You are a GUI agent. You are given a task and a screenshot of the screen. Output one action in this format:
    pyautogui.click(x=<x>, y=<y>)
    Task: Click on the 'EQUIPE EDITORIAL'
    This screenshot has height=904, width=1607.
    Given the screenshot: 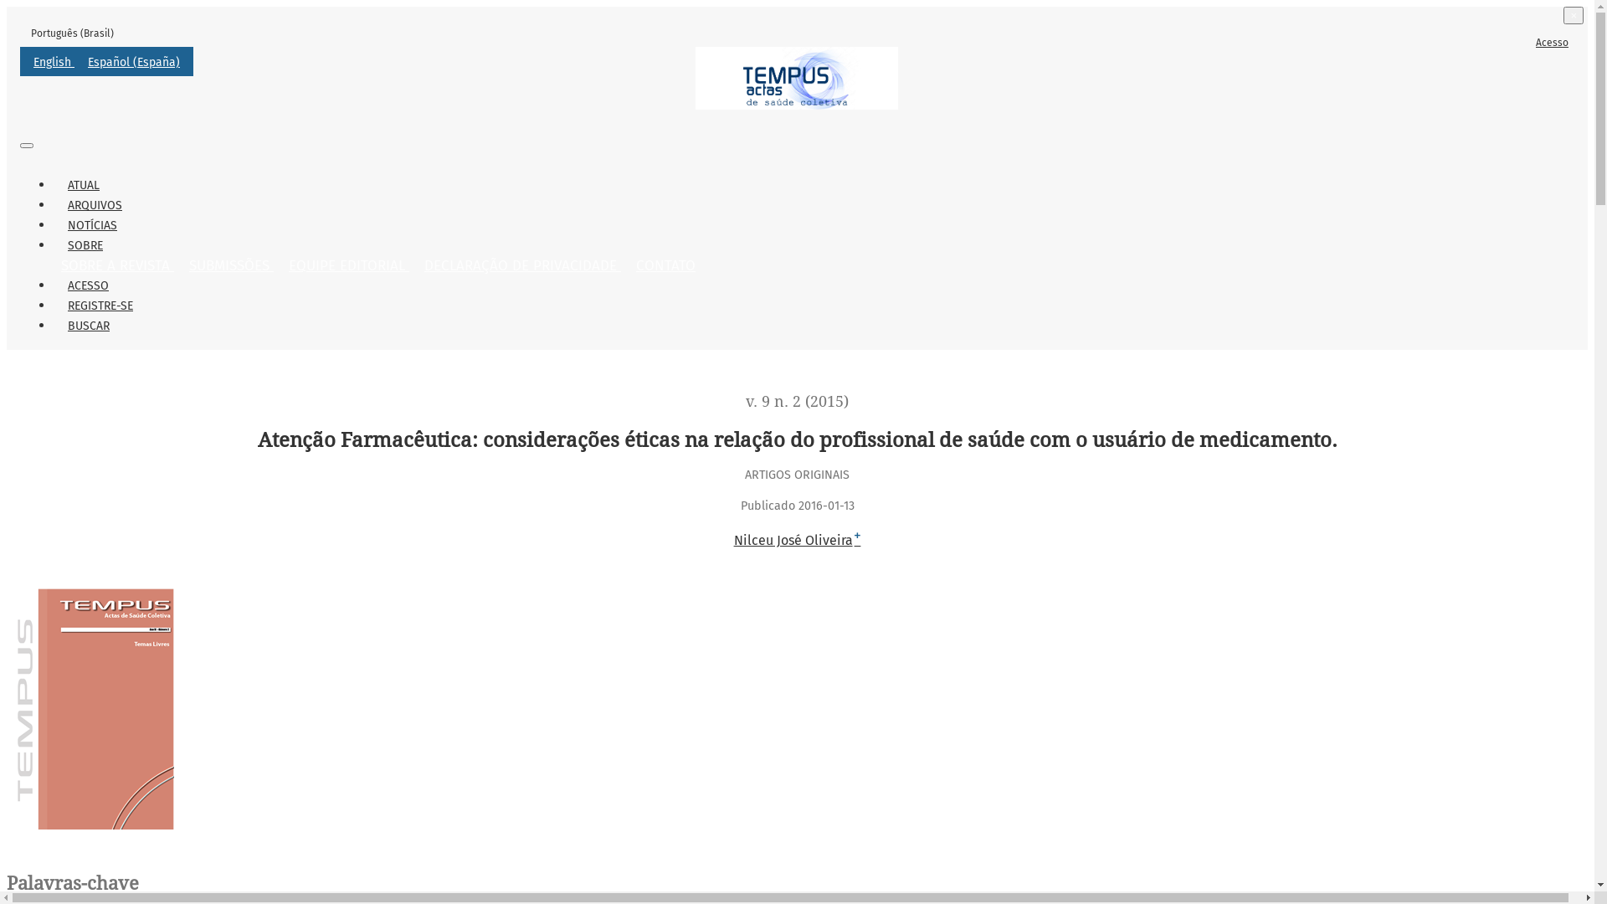 What is the action you would take?
    pyautogui.click(x=281, y=265)
    